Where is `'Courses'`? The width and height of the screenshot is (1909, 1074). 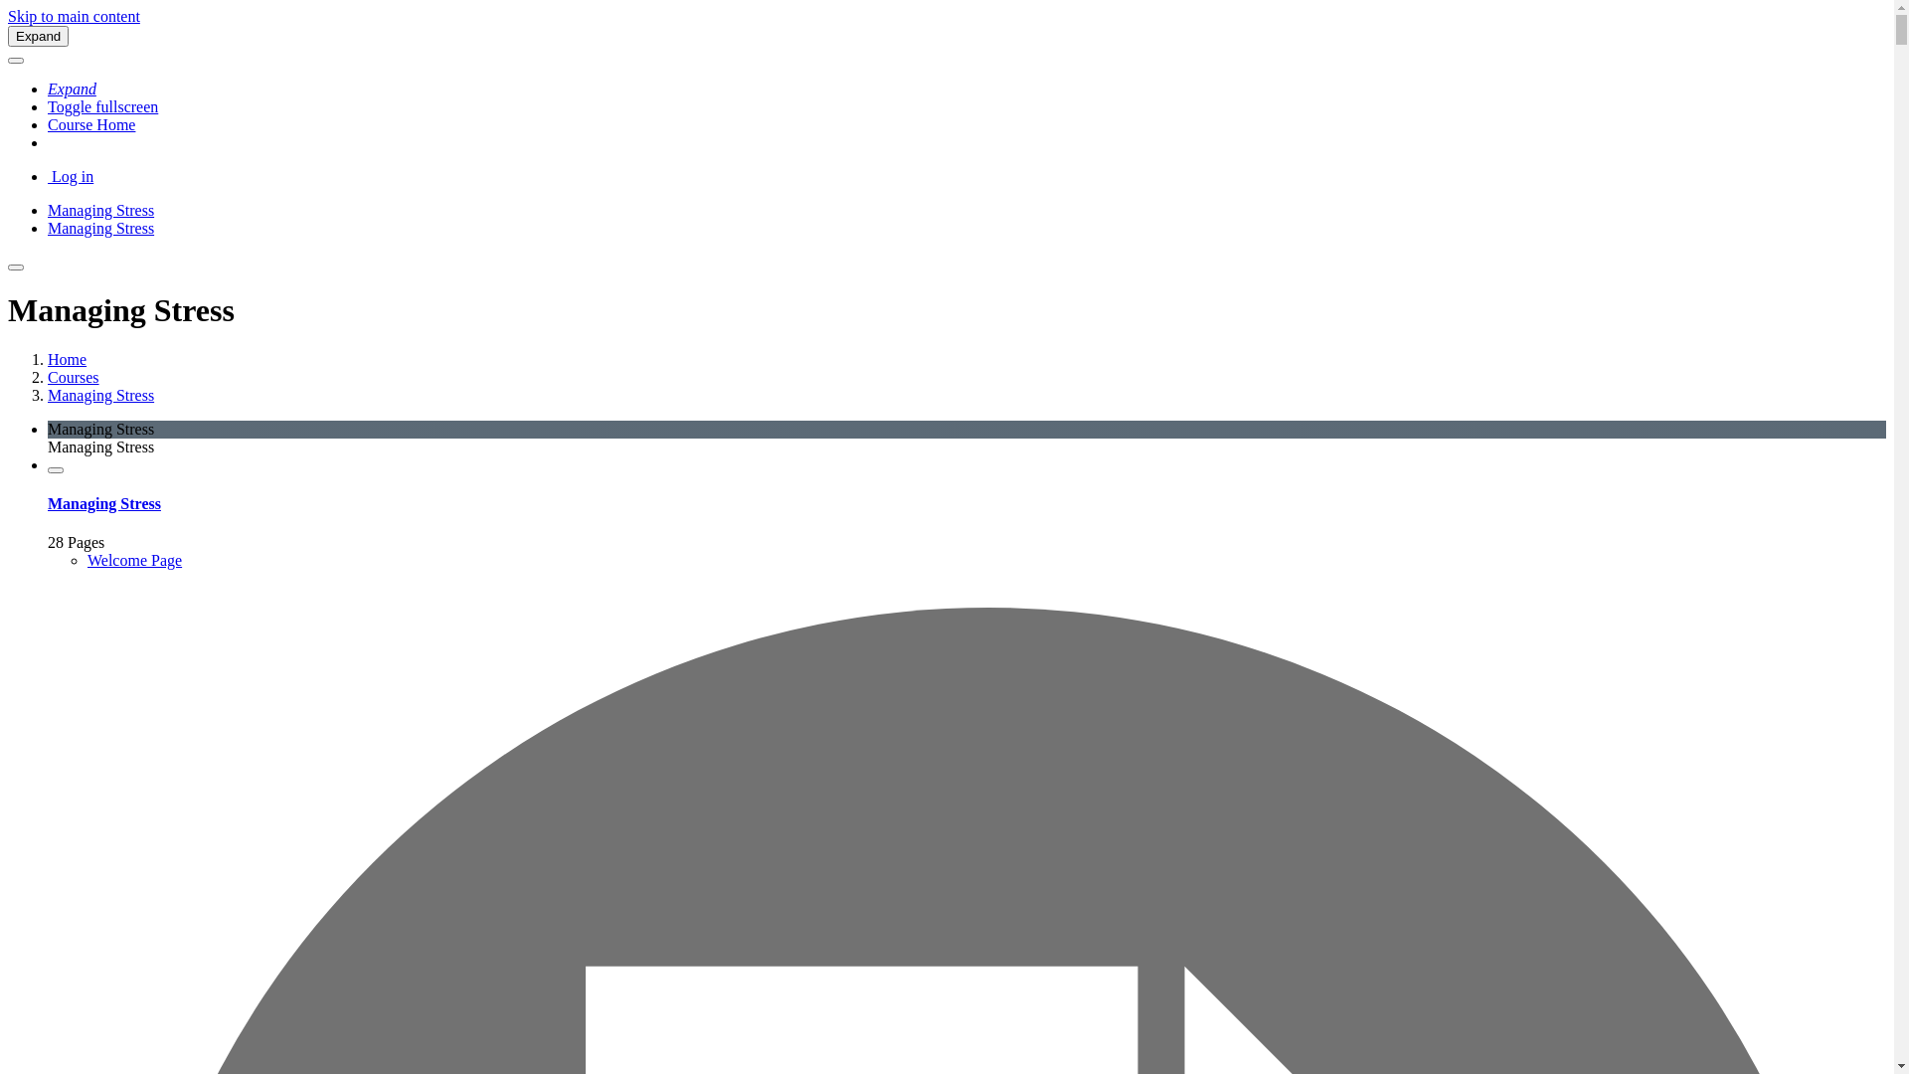
'Courses' is located at coordinates (73, 377).